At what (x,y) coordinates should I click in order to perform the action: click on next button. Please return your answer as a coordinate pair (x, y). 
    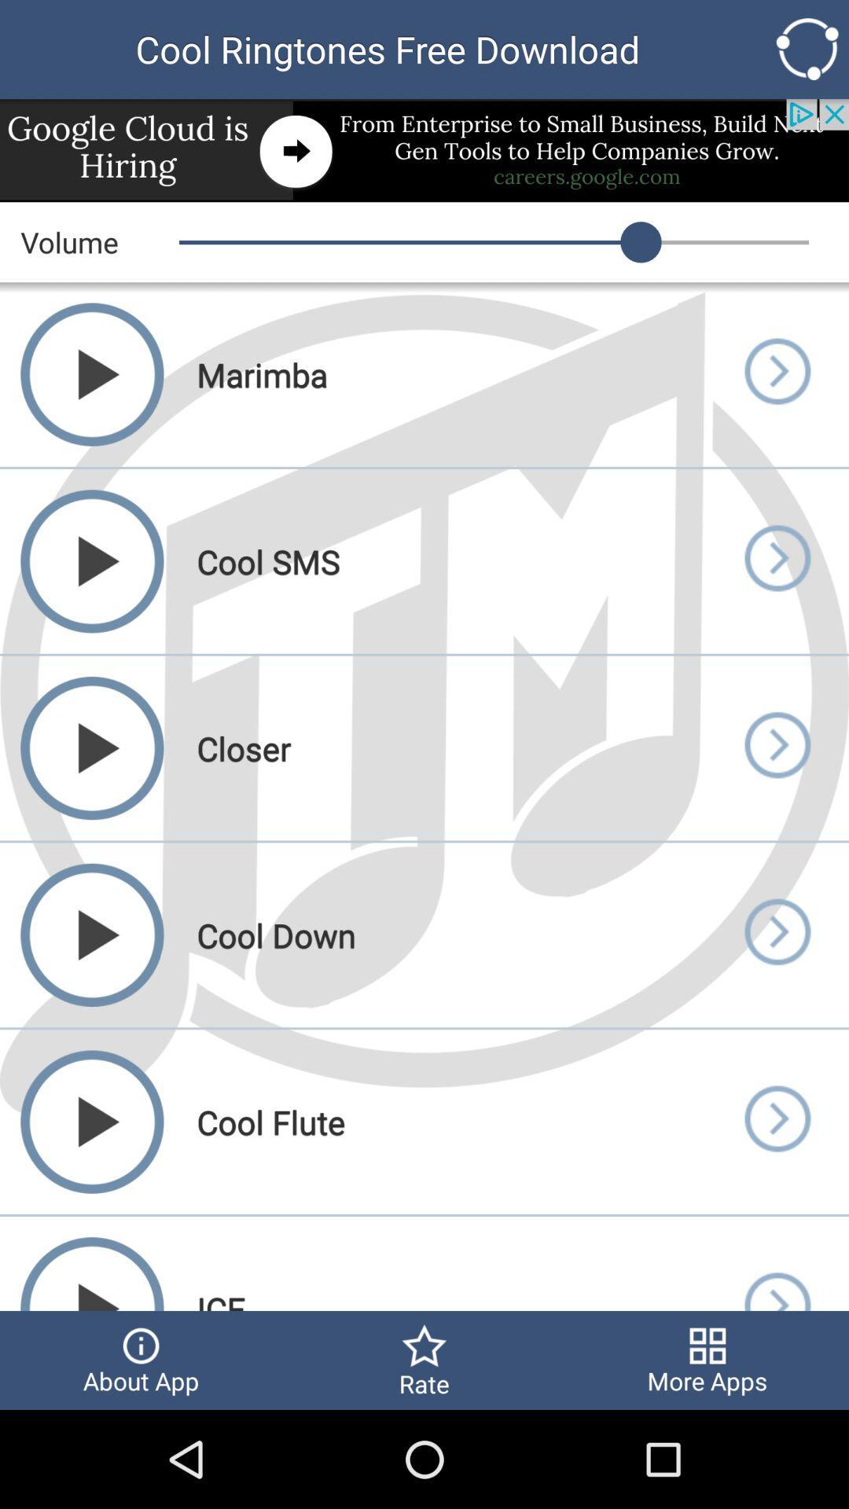
    Looking at the image, I should click on (776, 561).